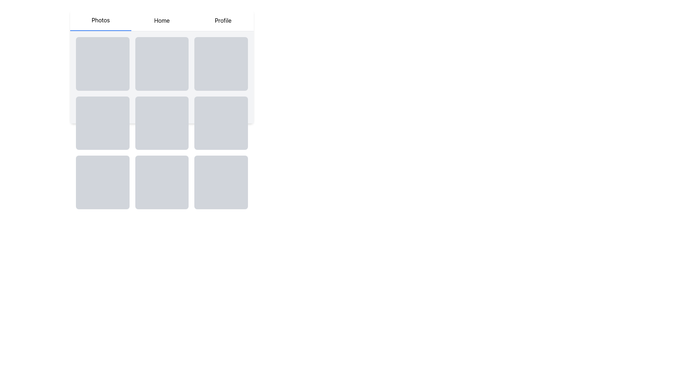 This screenshot has width=691, height=389. What do you see at coordinates (162, 20) in the screenshot?
I see `the Navigation bar which contains the text elements 'Photos,' 'Home,' and 'Profile,' with the currently selected tab 'Photos' highlighted` at bounding box center [162, 20].